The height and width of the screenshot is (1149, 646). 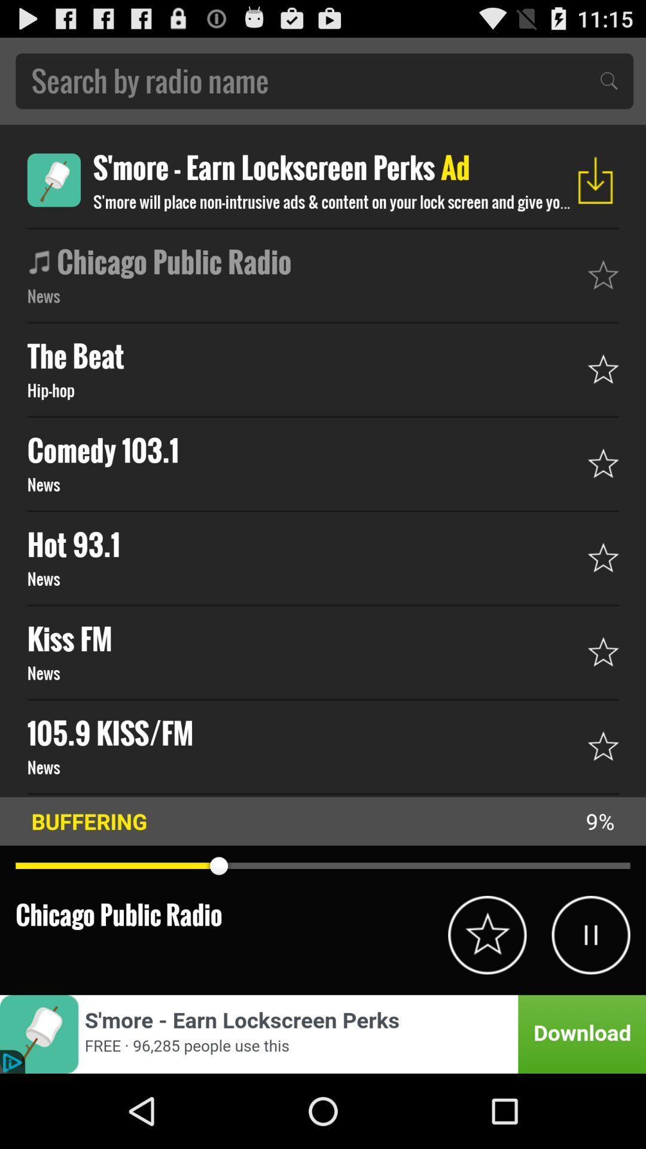 I want to click on the pause icon, so click(x=590, y=1001).